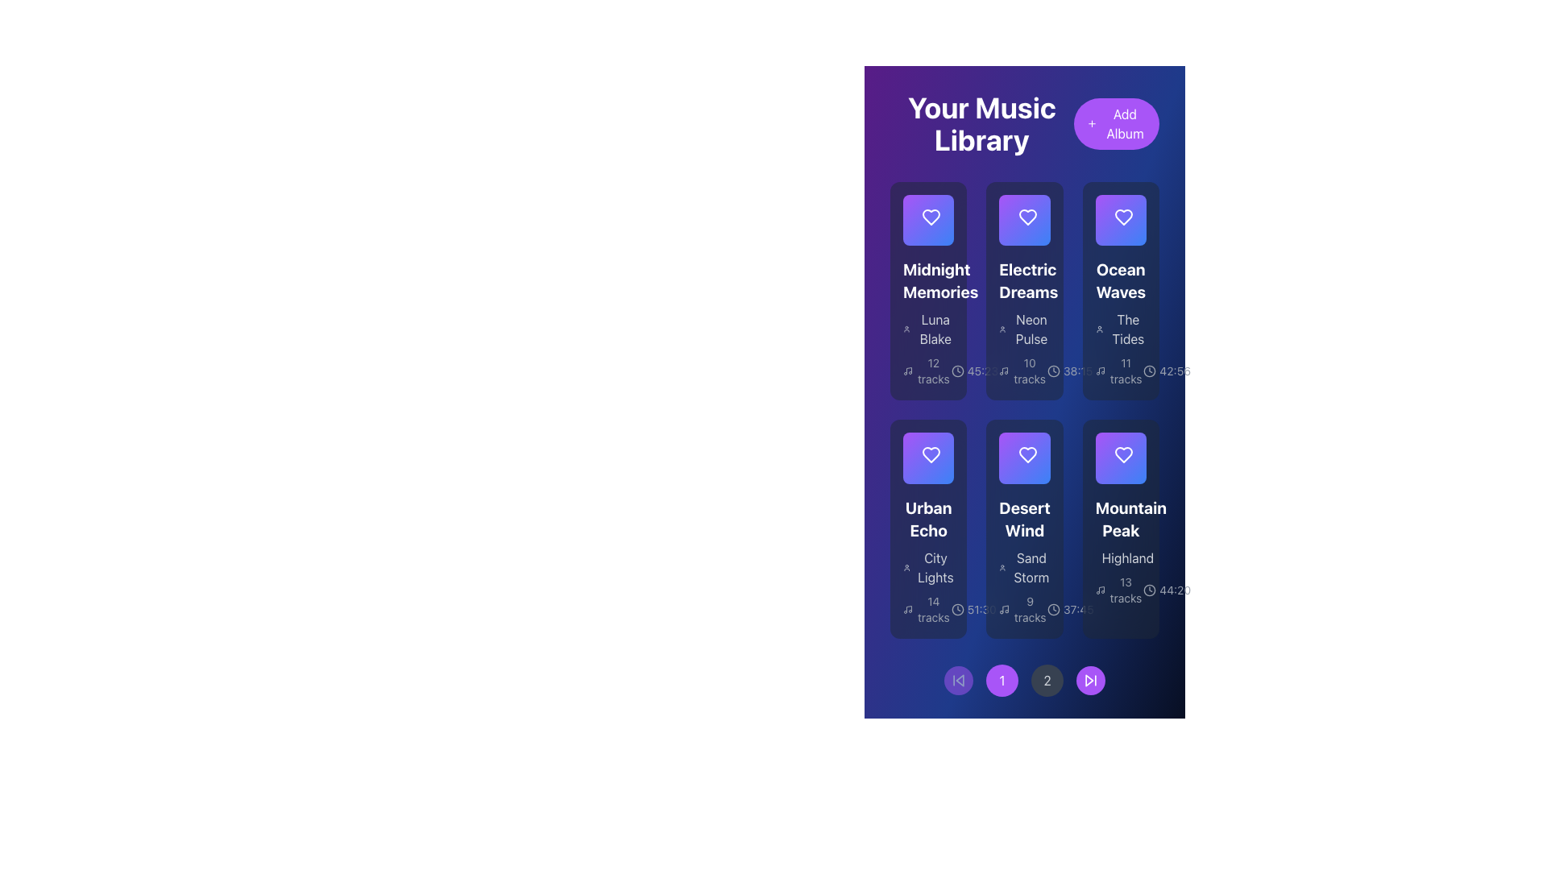 The width and height of the screenshot is (1547, 870). I want to click on the circular button with a purple background and a backward skip icon, so click(959, 680).